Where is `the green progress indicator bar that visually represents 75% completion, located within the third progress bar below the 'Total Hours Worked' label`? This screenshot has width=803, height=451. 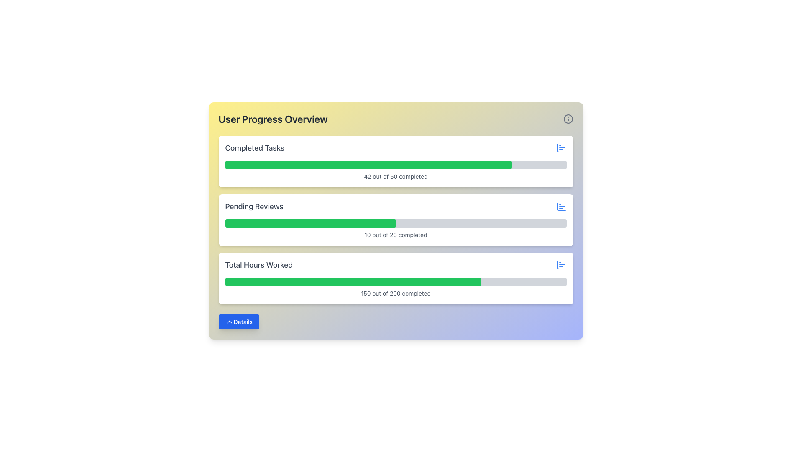 the green progress indicator bar that visually represents 75% completion, located within the third progress bar below the 'Total Hours Worked' label is located at coordinates (353, 282).